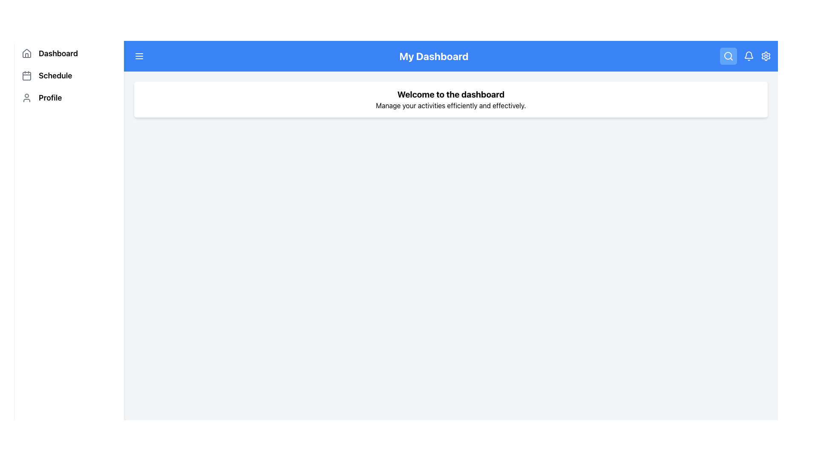  What do you see at coordinates (50, 98) in the screenshot?
I see `the 'Profile' text label located in the left sidebar menu` at bounding box center [50, 98].